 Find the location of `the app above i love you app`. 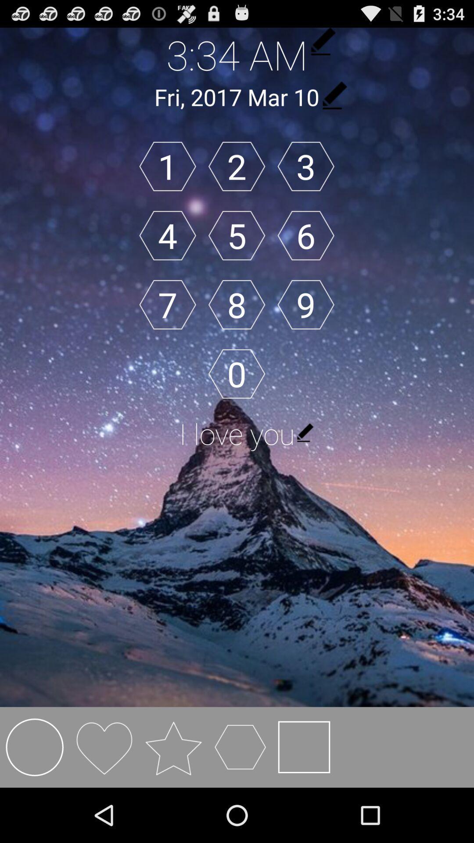

the app above i love you app is located at coordinates (305, 305).